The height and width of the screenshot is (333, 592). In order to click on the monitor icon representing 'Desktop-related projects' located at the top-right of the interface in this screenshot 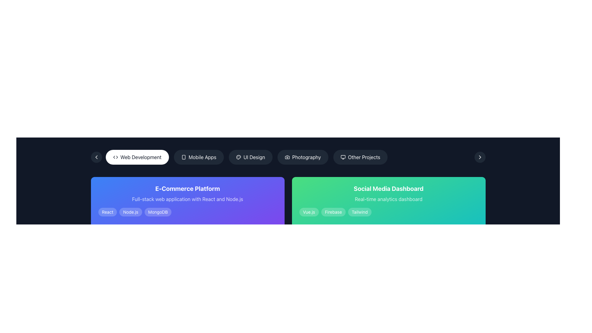, I will do `click(343, 156)`.